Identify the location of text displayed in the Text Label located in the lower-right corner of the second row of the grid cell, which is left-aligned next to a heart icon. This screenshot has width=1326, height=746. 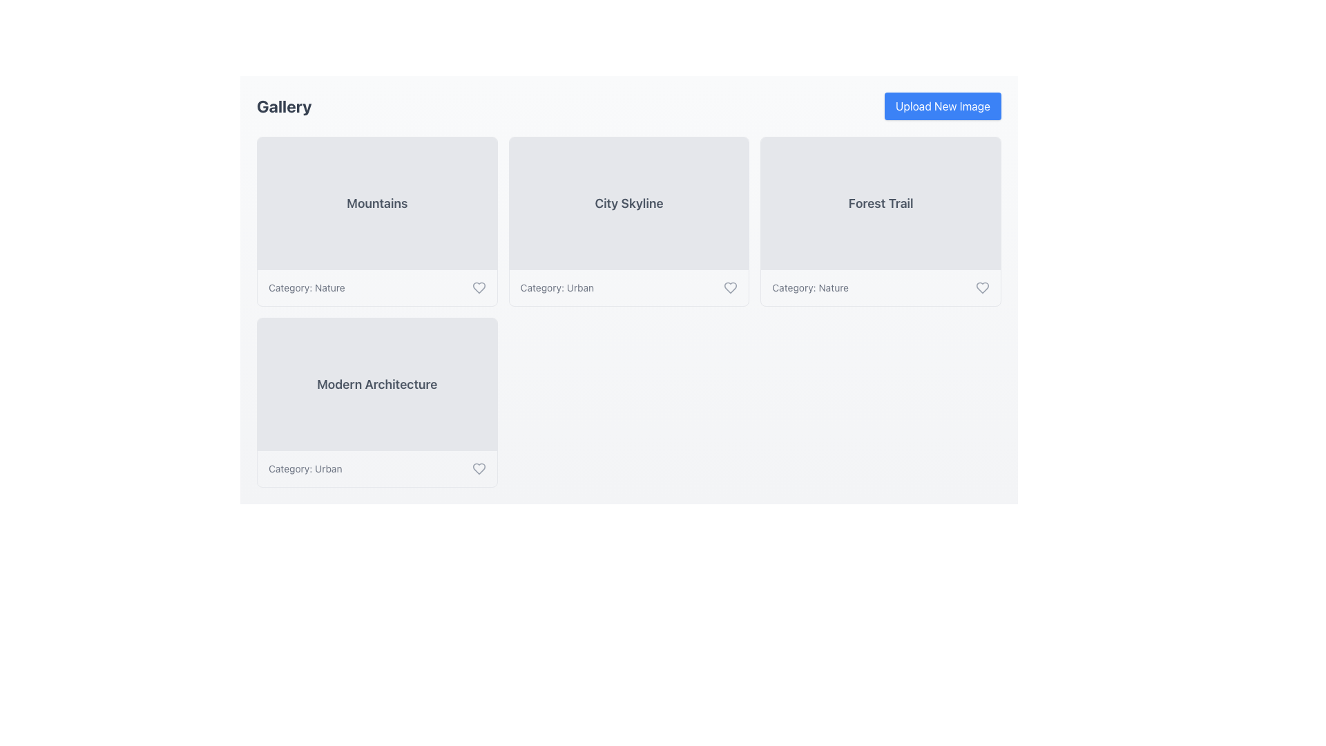
(557, 287).